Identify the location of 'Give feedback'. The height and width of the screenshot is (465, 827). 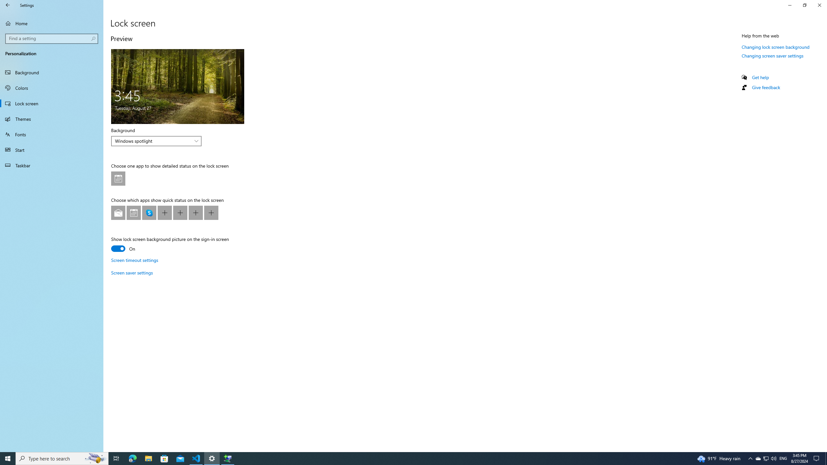
(765, 87).